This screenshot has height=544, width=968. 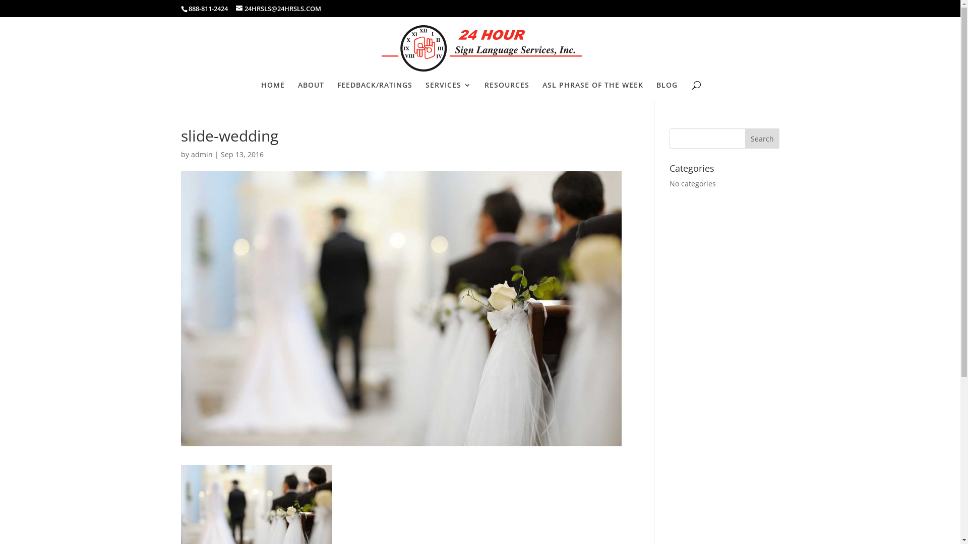 I want to click on 'ABOUT', so click(x=310, y=91).